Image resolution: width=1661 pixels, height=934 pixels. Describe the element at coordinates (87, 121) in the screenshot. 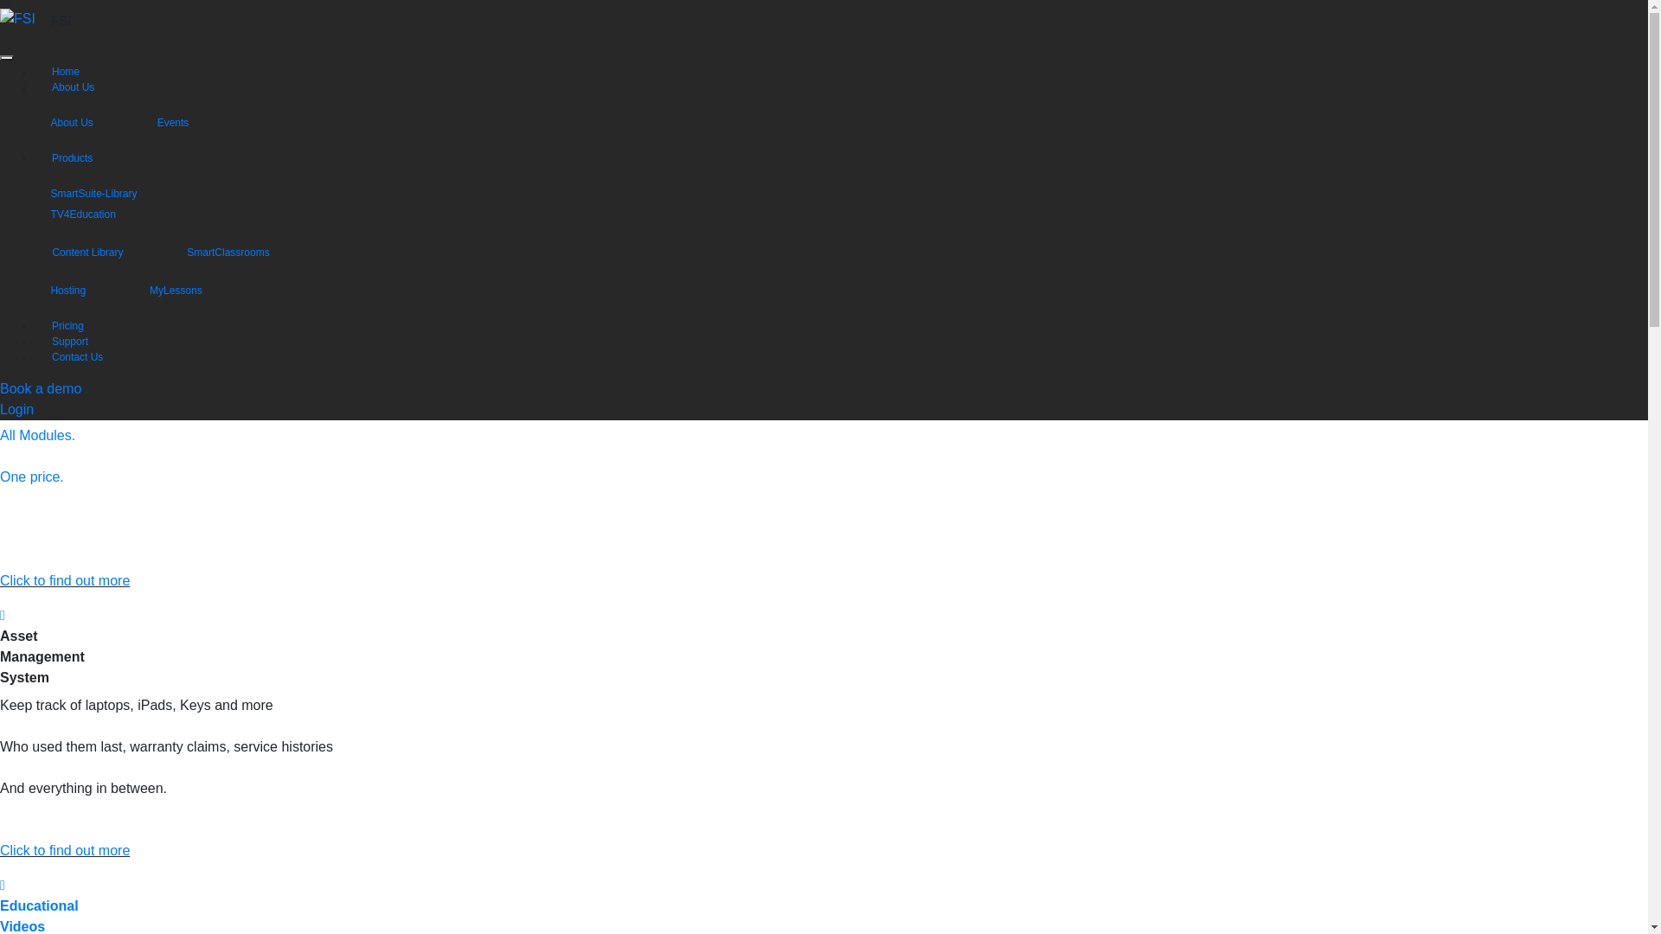

I see `'About Us'` at that location.